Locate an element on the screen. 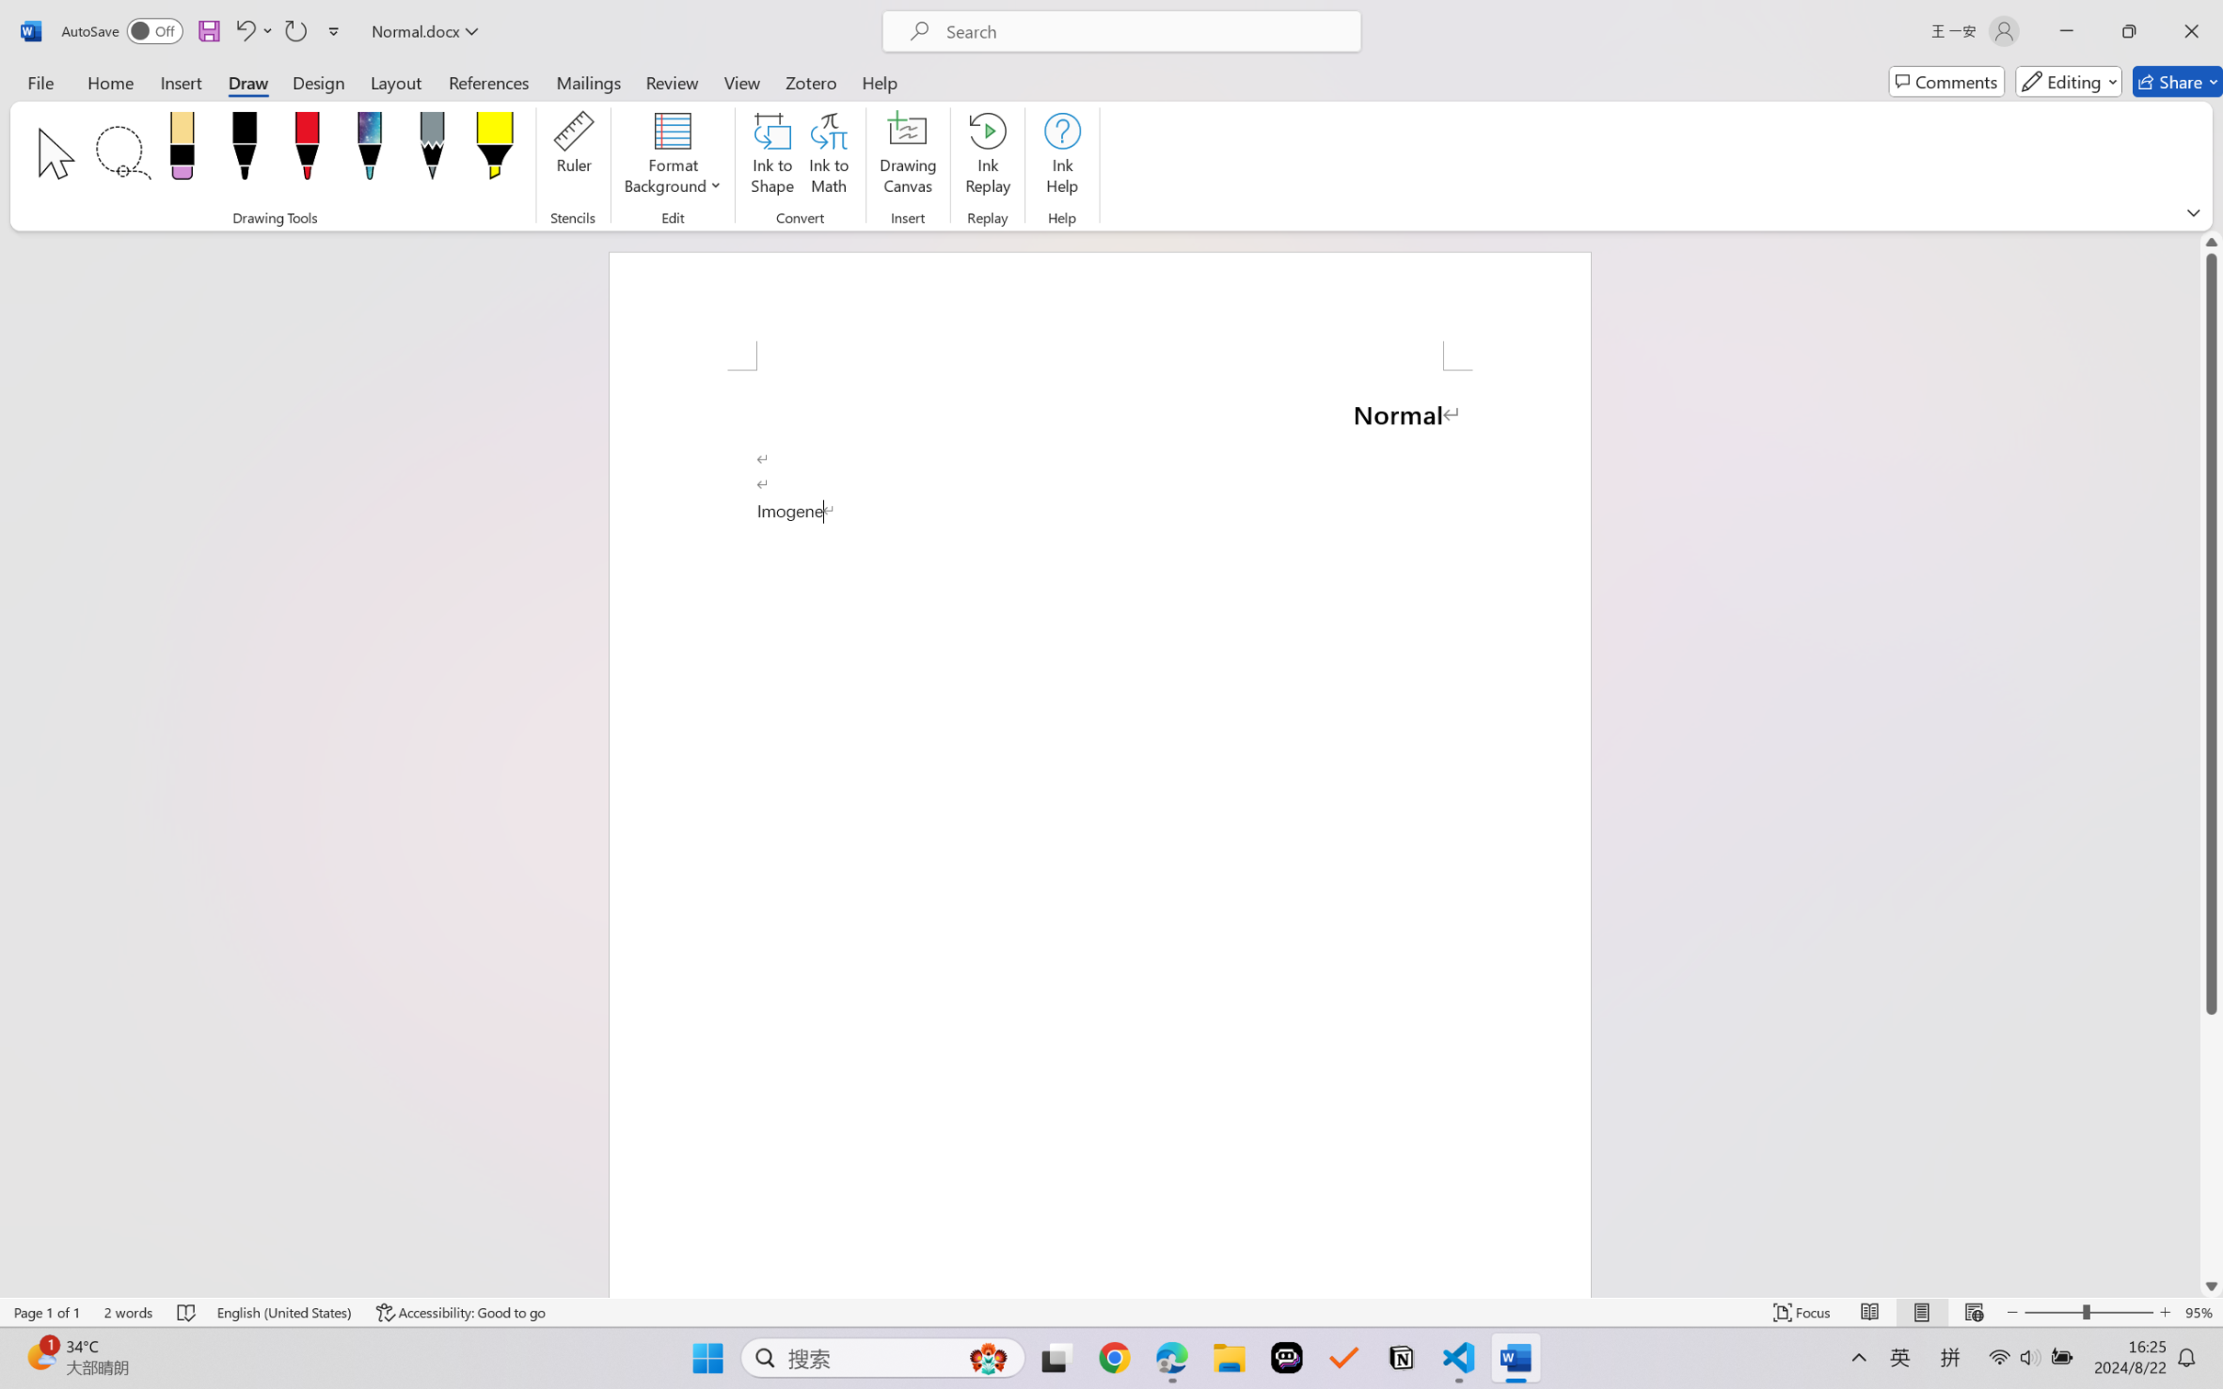  'Page Number Page 1 of 1' is located at coordinates (48, 1312).